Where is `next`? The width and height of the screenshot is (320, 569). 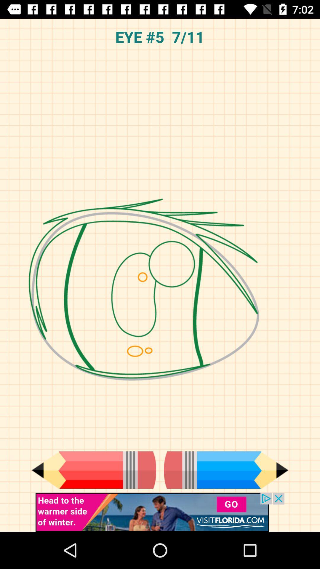
next is located at coordinates (226, 470).